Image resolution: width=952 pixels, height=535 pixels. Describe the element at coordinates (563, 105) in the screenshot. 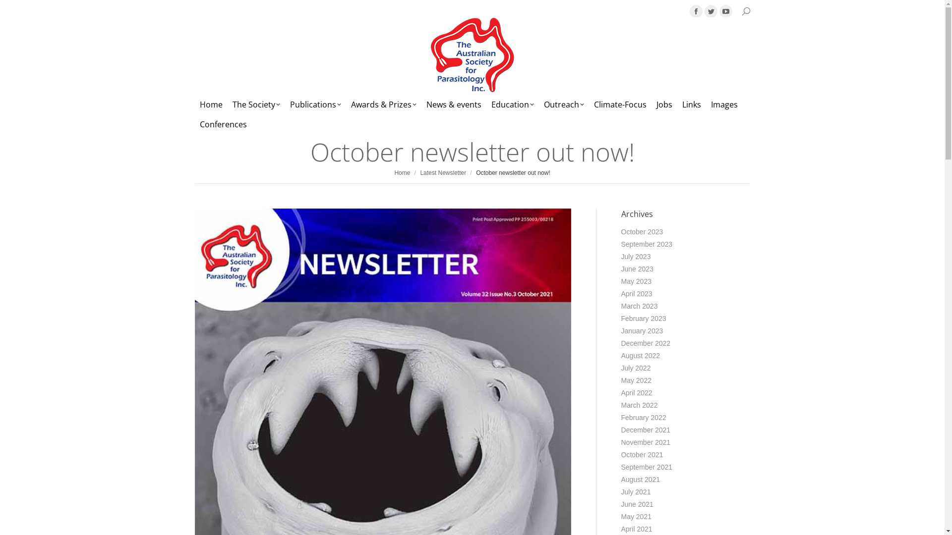

I see `'Outreach'` at that location.